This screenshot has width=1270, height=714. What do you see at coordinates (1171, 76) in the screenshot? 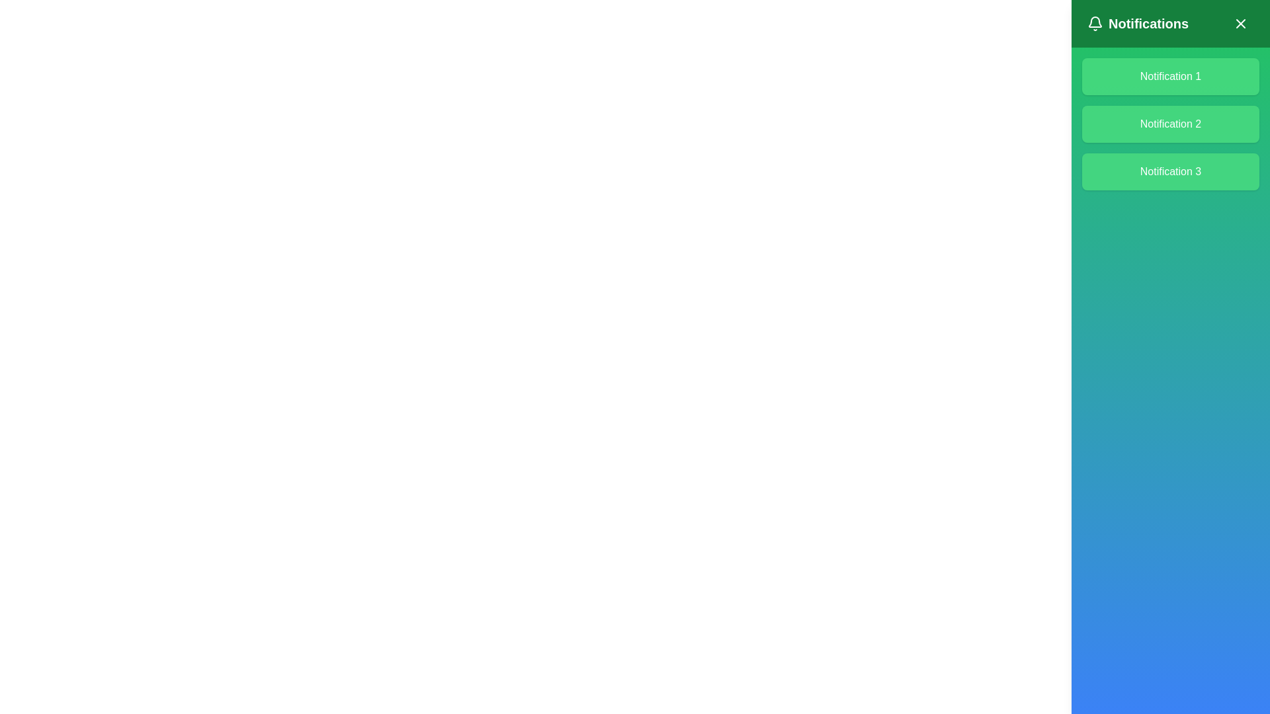
I see `text of the element displaying 'Notification 1', which is a medium-sized white sans-serif text inside a green notification card at the top of a vertical list of notifications` at bounding box center [1171, 76].